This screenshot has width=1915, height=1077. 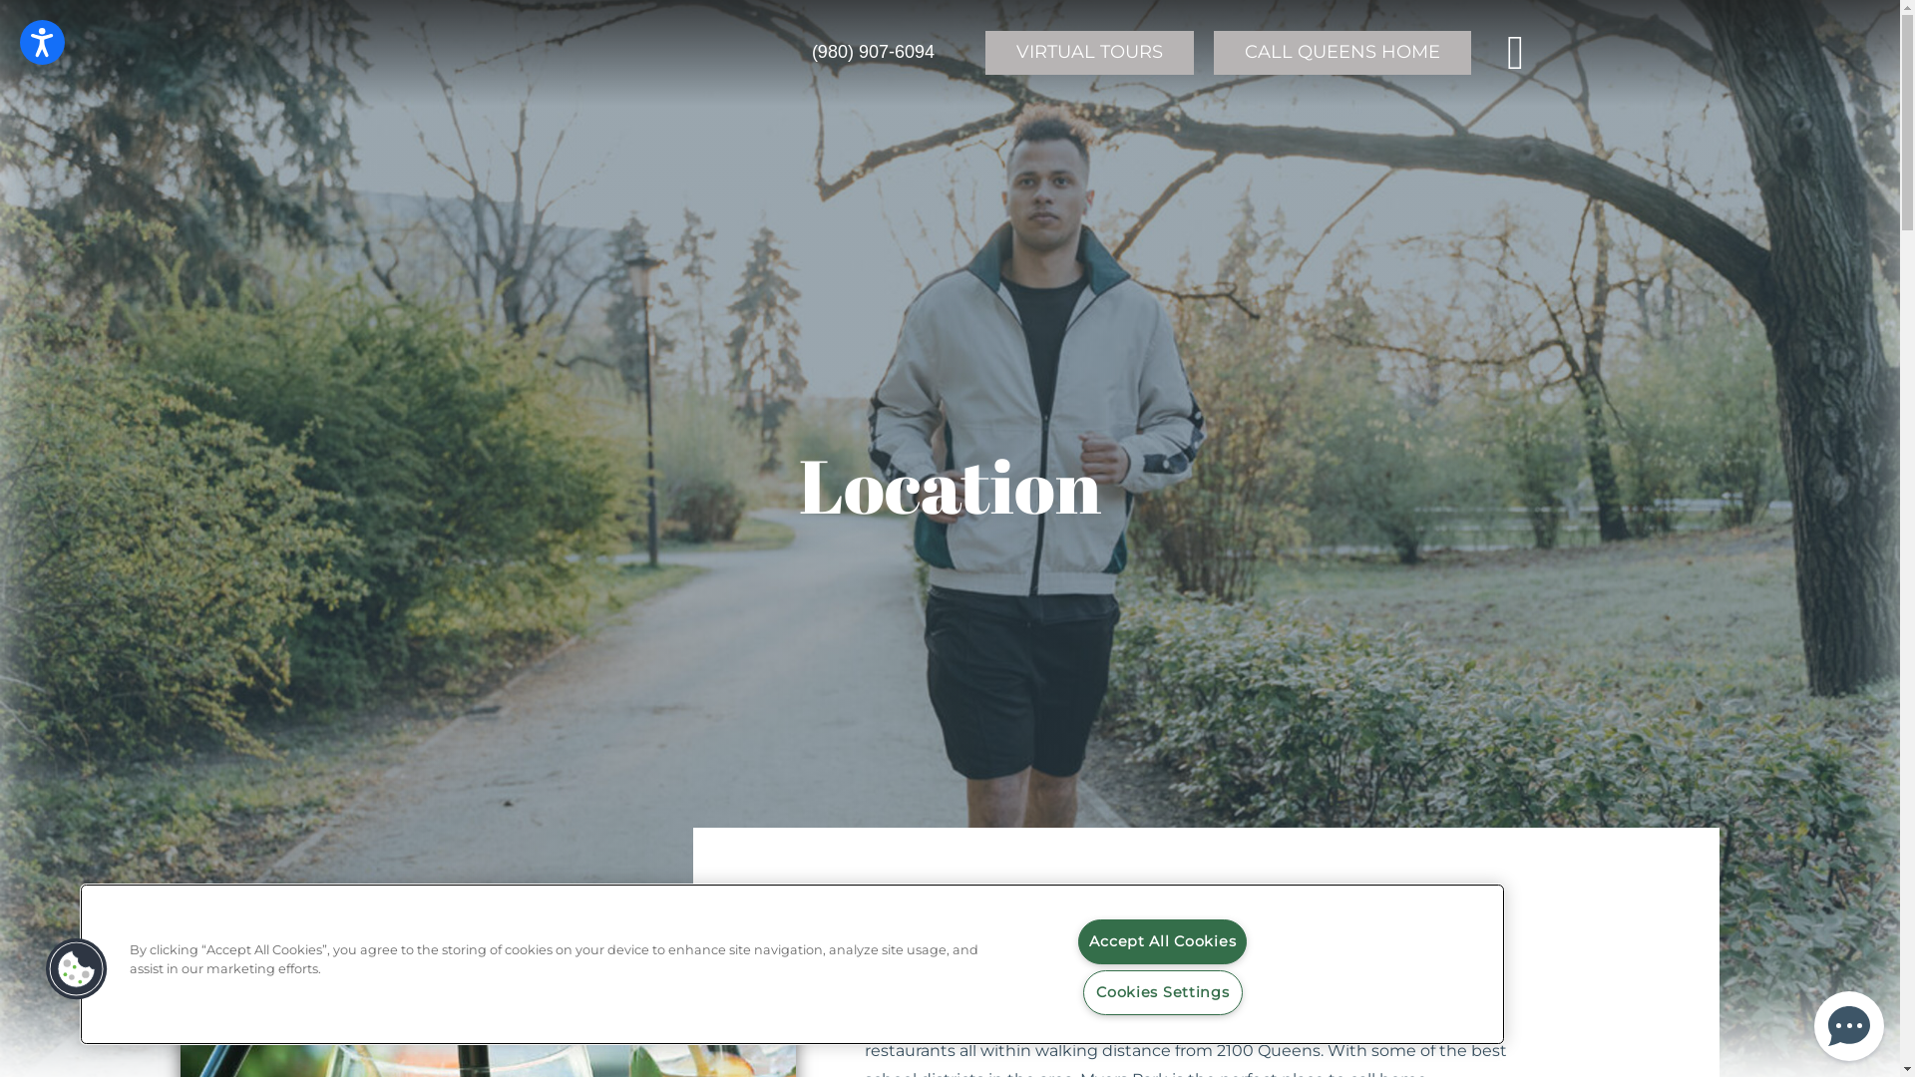 I want to click on 'Cookies Settings', so click(x=1163, y=992).